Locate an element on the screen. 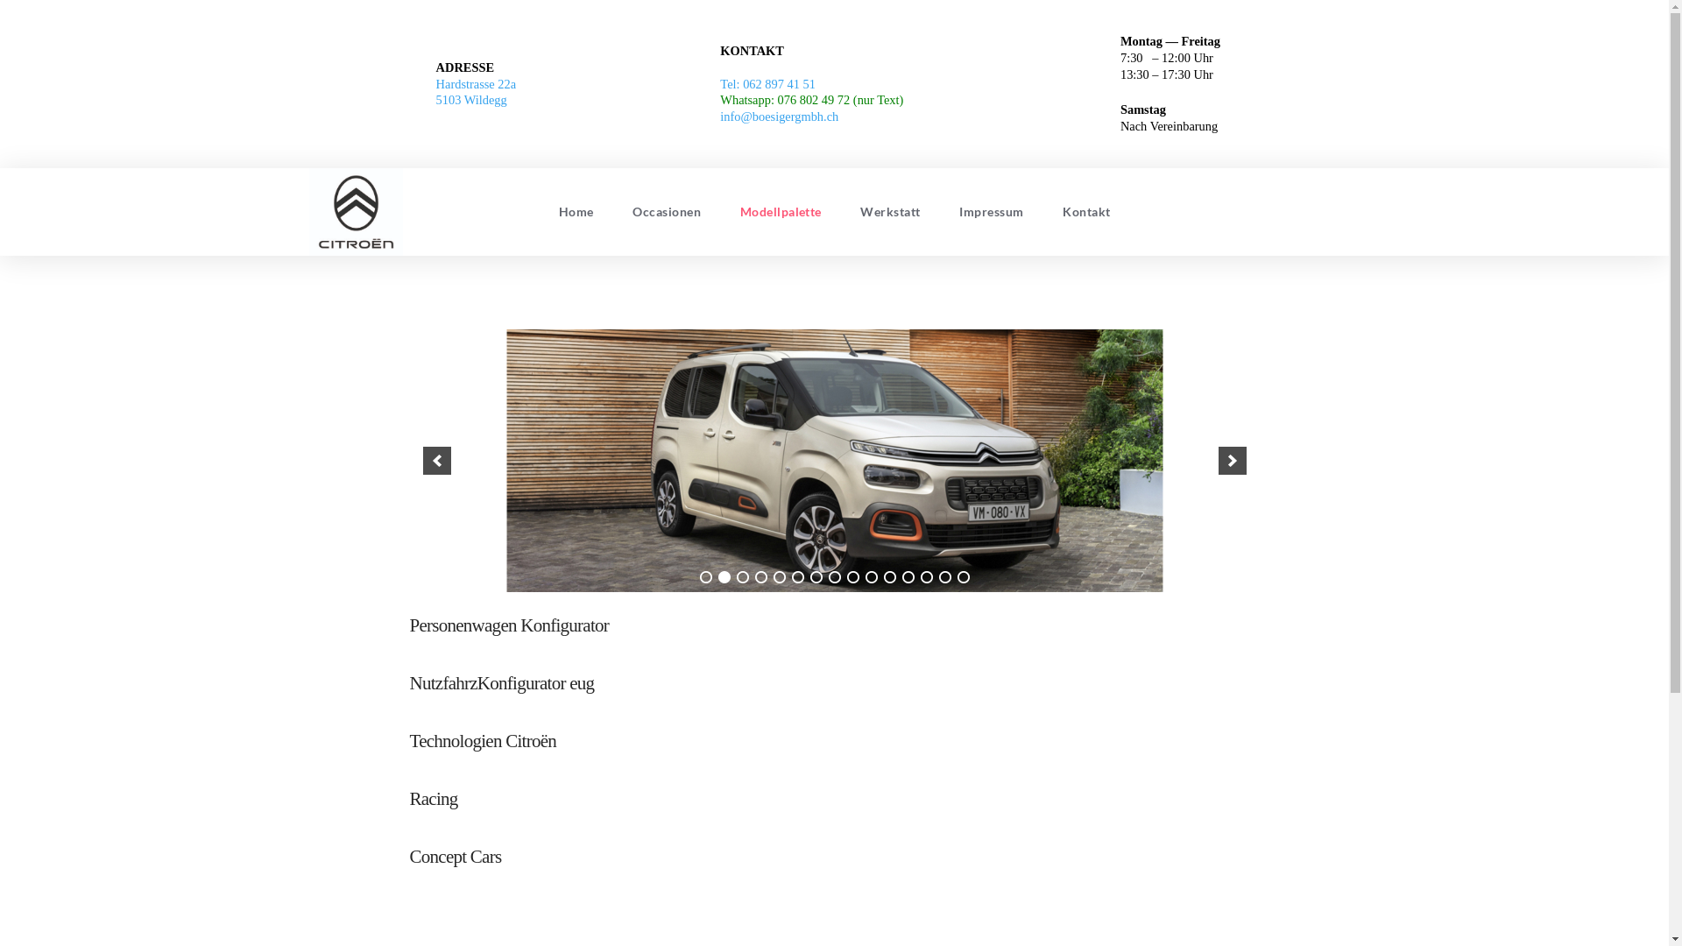  '3' is located at coordinates (741, 577).